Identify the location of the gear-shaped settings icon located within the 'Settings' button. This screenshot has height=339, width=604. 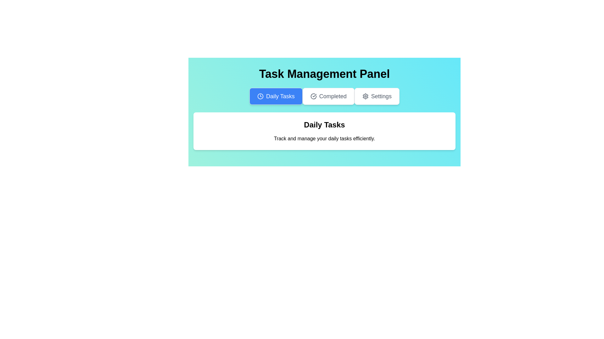
(365, 96).